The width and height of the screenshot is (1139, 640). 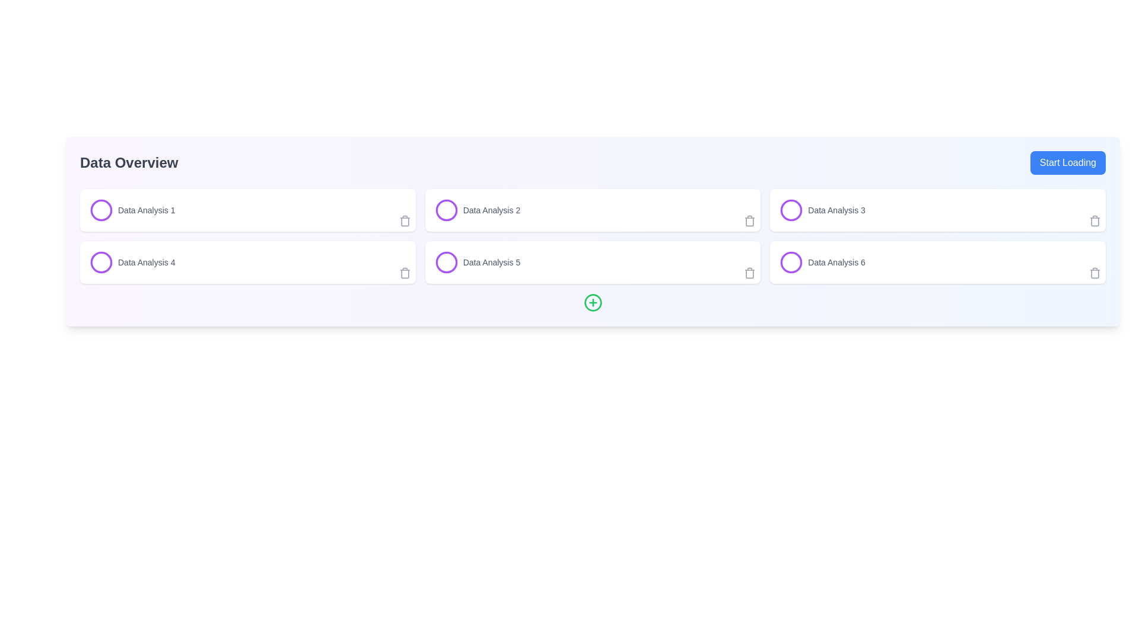 I want to click on the visual indicator icon associated with the 'Data Analysis 3' item, so click(x=791, y=209).